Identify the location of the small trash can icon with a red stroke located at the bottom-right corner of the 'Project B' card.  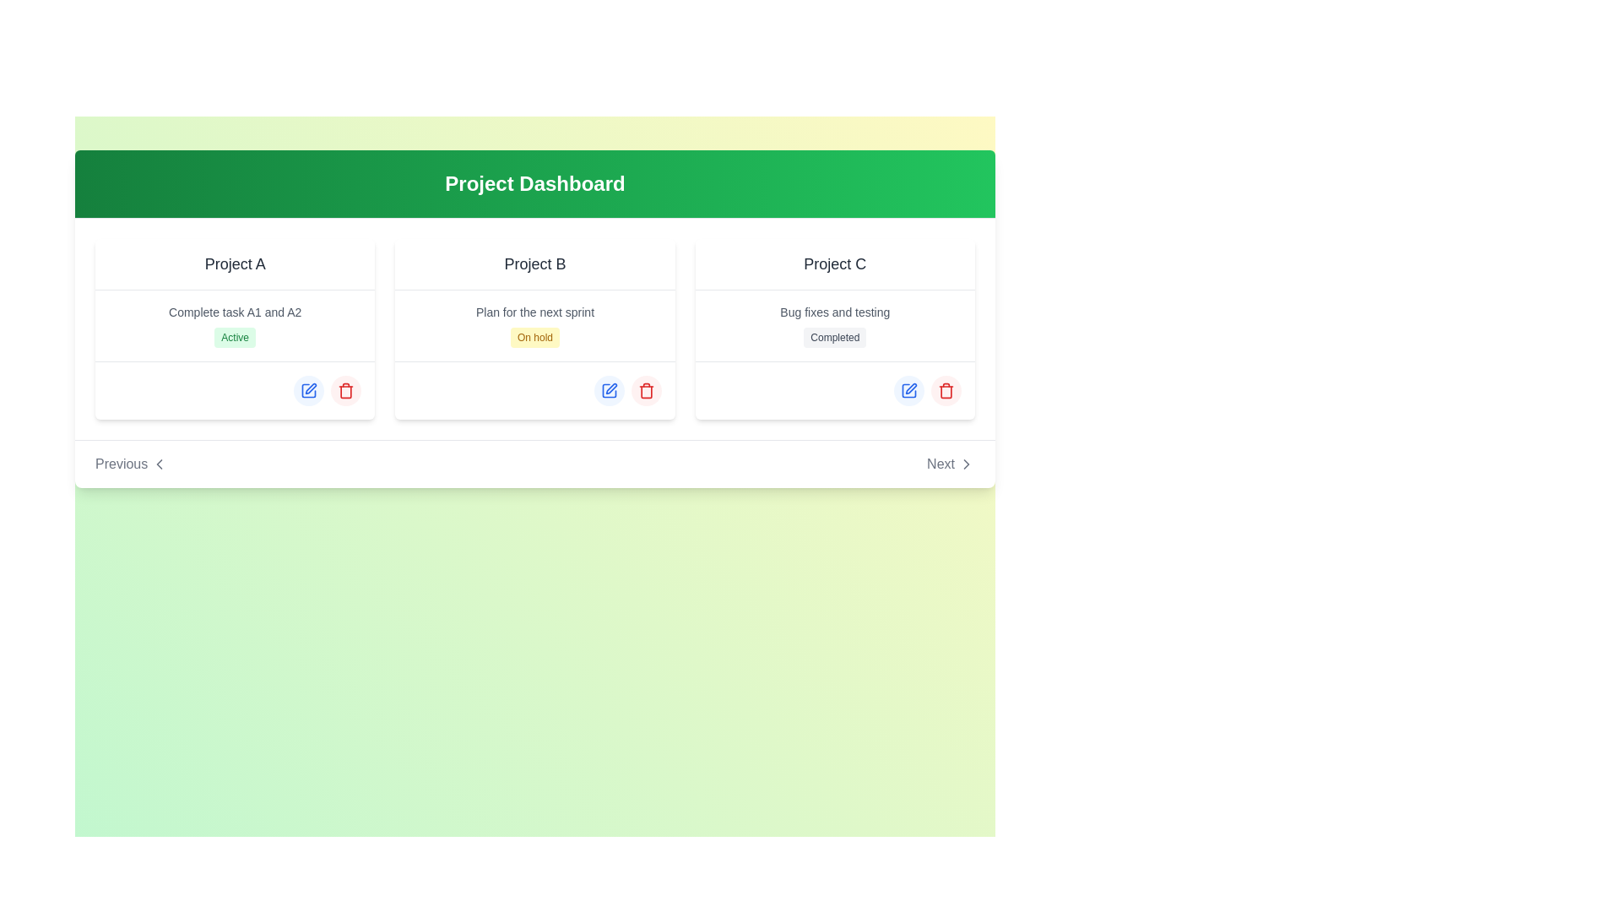
(645, 390).